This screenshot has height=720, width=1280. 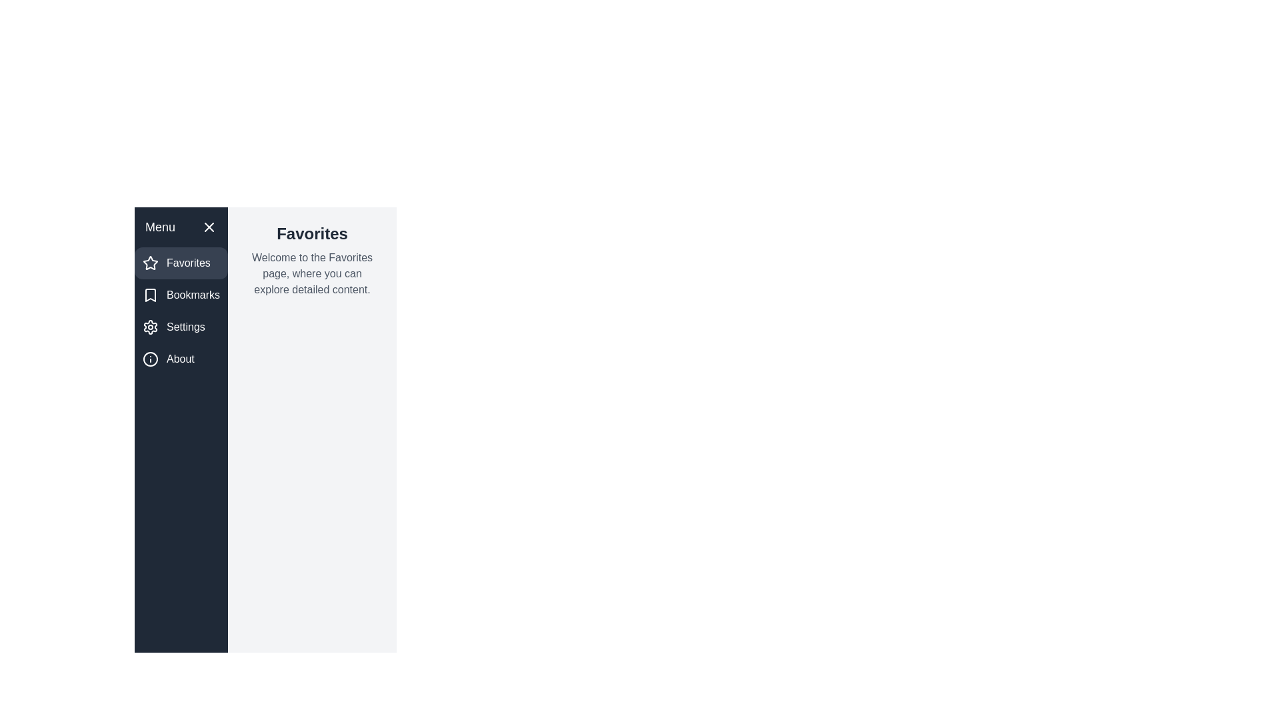 I want to click on the Text label located in the dark sidebar, which serves as a descriptor for the menu area, so click(x=160, y=226).